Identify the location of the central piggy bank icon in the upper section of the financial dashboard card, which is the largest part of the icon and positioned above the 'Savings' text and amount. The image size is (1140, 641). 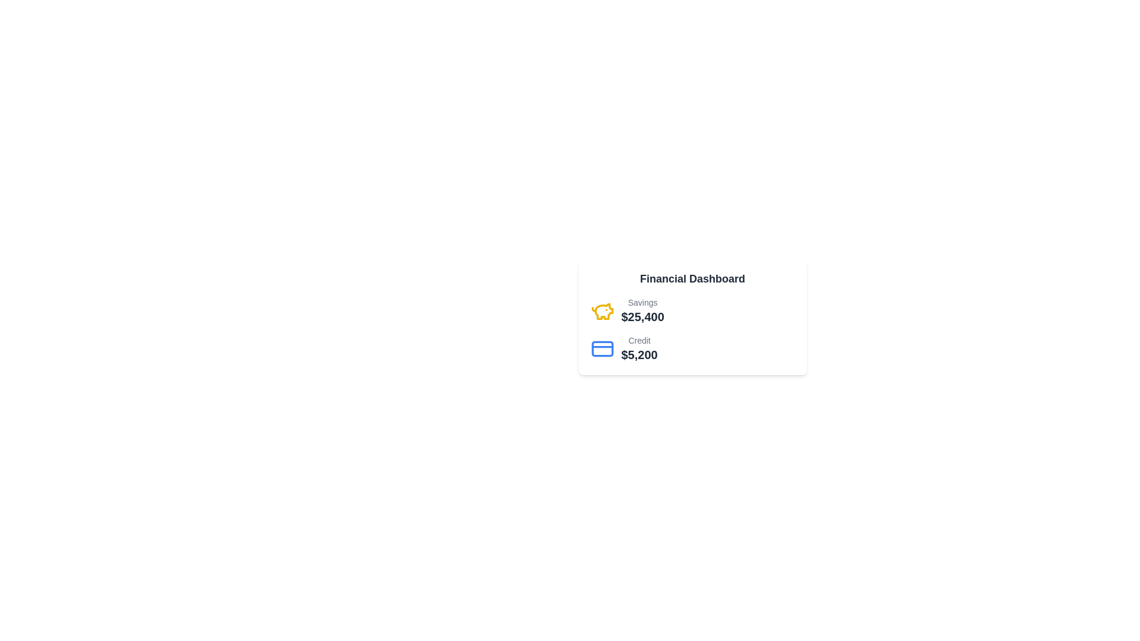
(604, 310).